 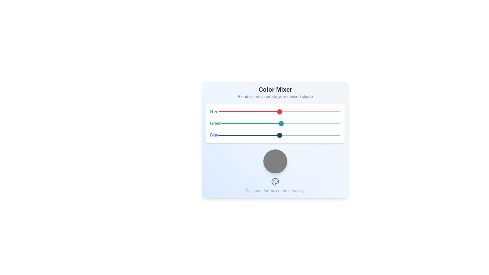 What do you see at coordinates (219, 112) in the screenshot?
I see `the red color intensity` at bounding box center [219, 112].